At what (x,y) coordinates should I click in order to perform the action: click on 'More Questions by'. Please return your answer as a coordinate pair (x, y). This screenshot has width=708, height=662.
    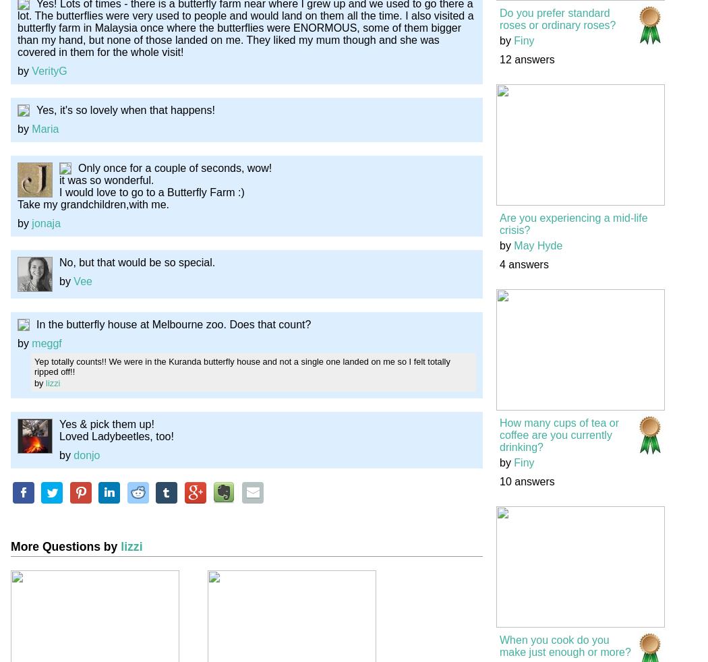
    Looking at the image, I should click on (65, 545).